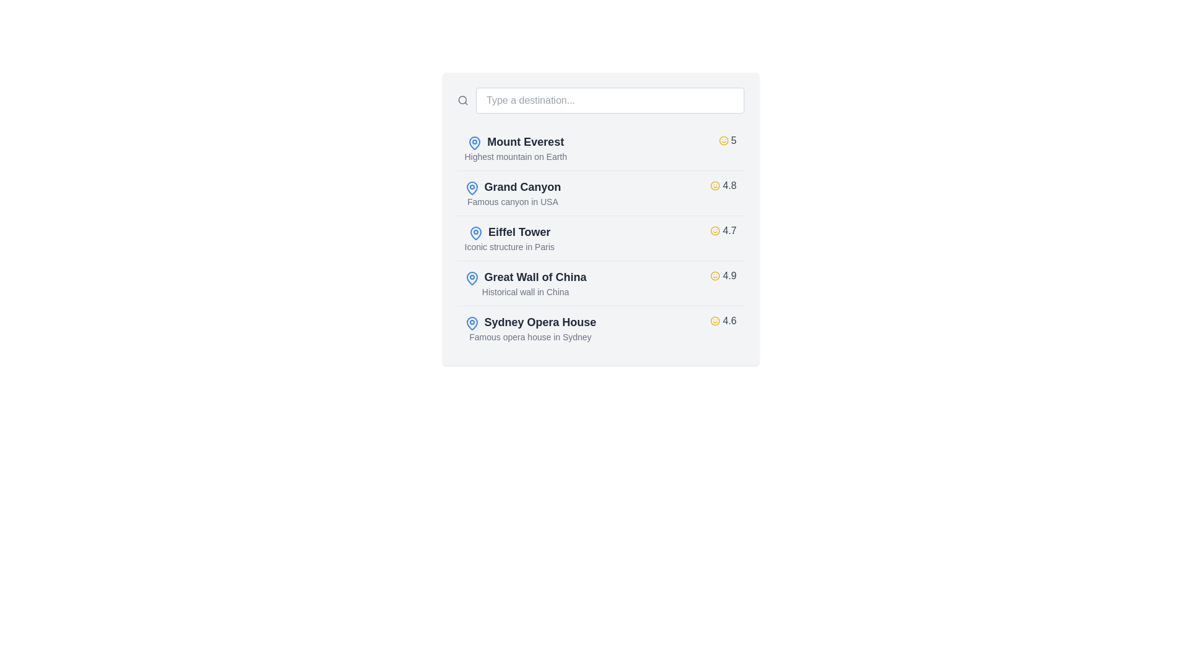 Image resolution: width=1187 pixels, height=667 pixels. I want to click on the text label displaying the numerical rating for 'Sydney Opera House' located at the bottom of the list adjacent to a yellow emoji icon for copying, so click(730, 321).